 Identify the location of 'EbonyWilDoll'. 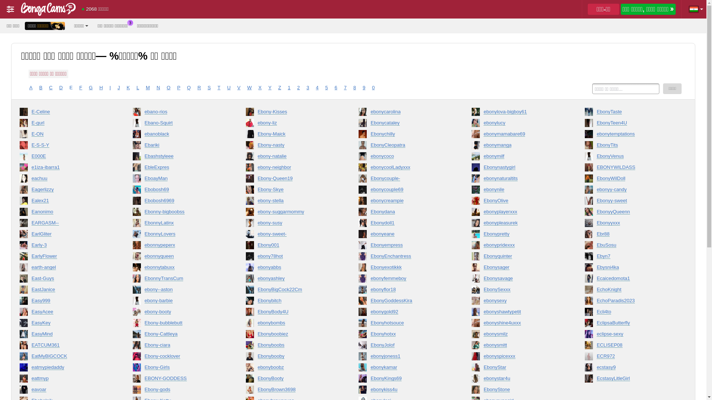
(630, 180).